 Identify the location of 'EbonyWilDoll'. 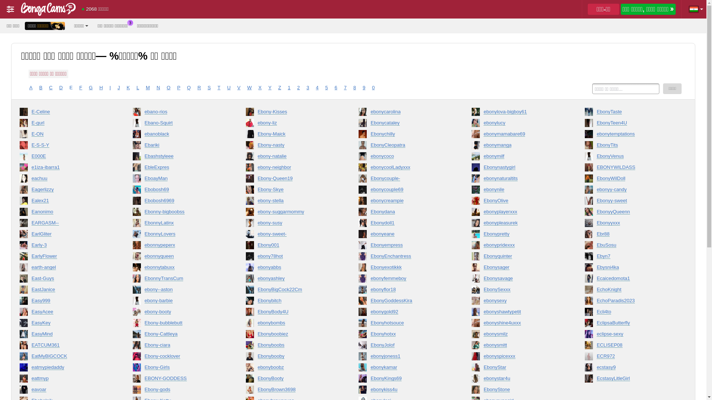
(630, 180).